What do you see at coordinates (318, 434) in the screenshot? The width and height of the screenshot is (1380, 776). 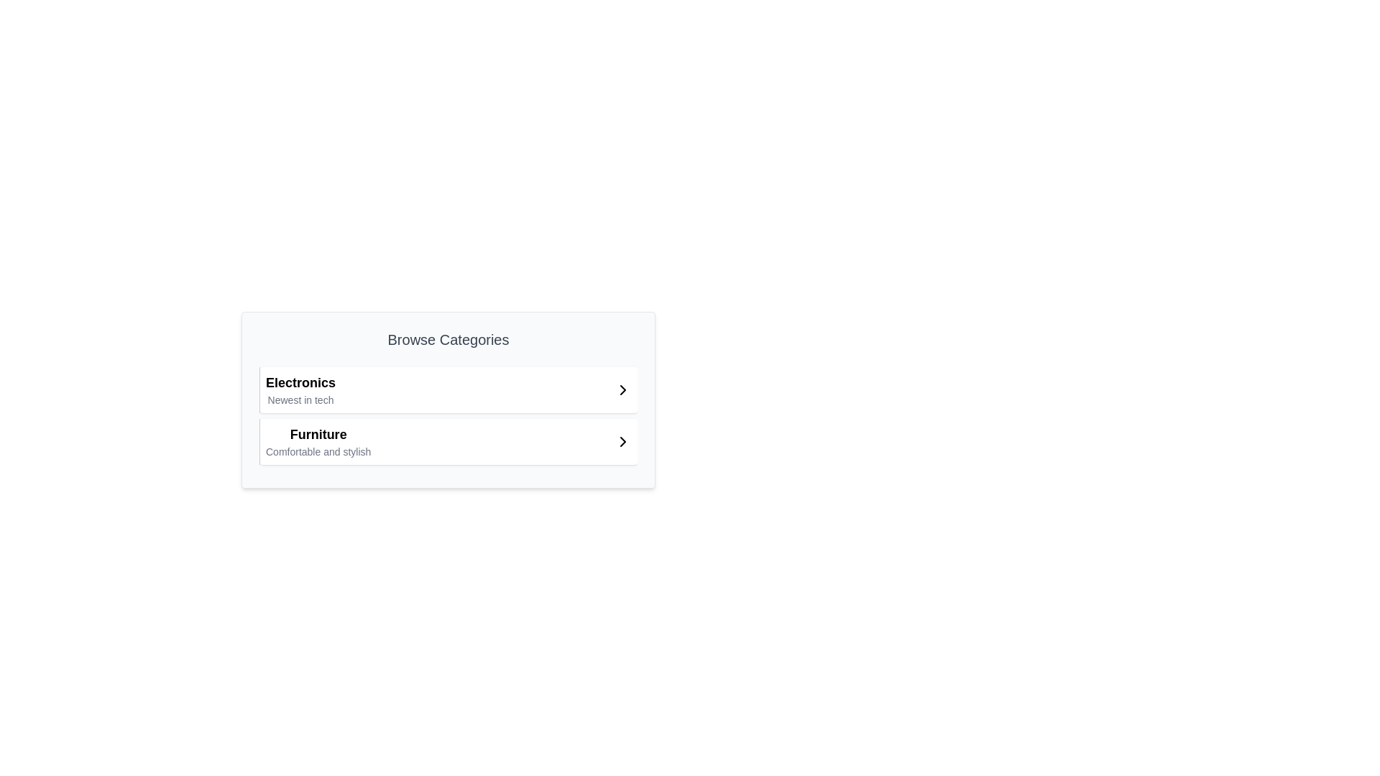 I see `the bold text header displaying 'Furniture', which is located as the left-aligned heading in the second category item under 'Browse Categories'` at bounding box center [318, 434].